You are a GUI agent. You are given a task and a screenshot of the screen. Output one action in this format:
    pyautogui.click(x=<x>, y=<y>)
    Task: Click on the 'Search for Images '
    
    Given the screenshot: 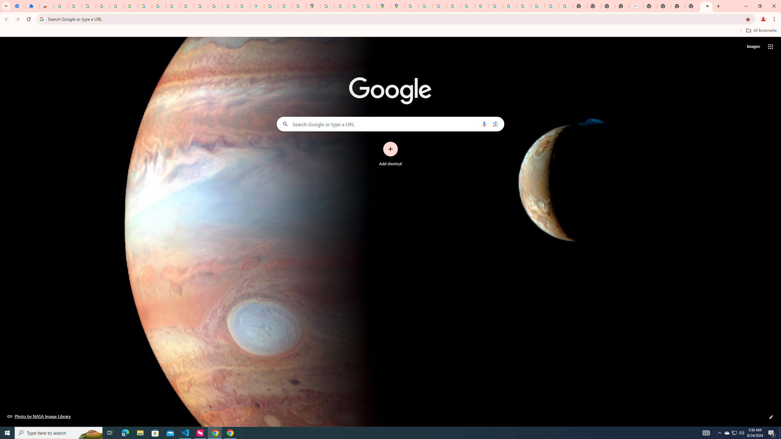 What is the action you would take?
    pyautogui.click(x=753, y=47)
    